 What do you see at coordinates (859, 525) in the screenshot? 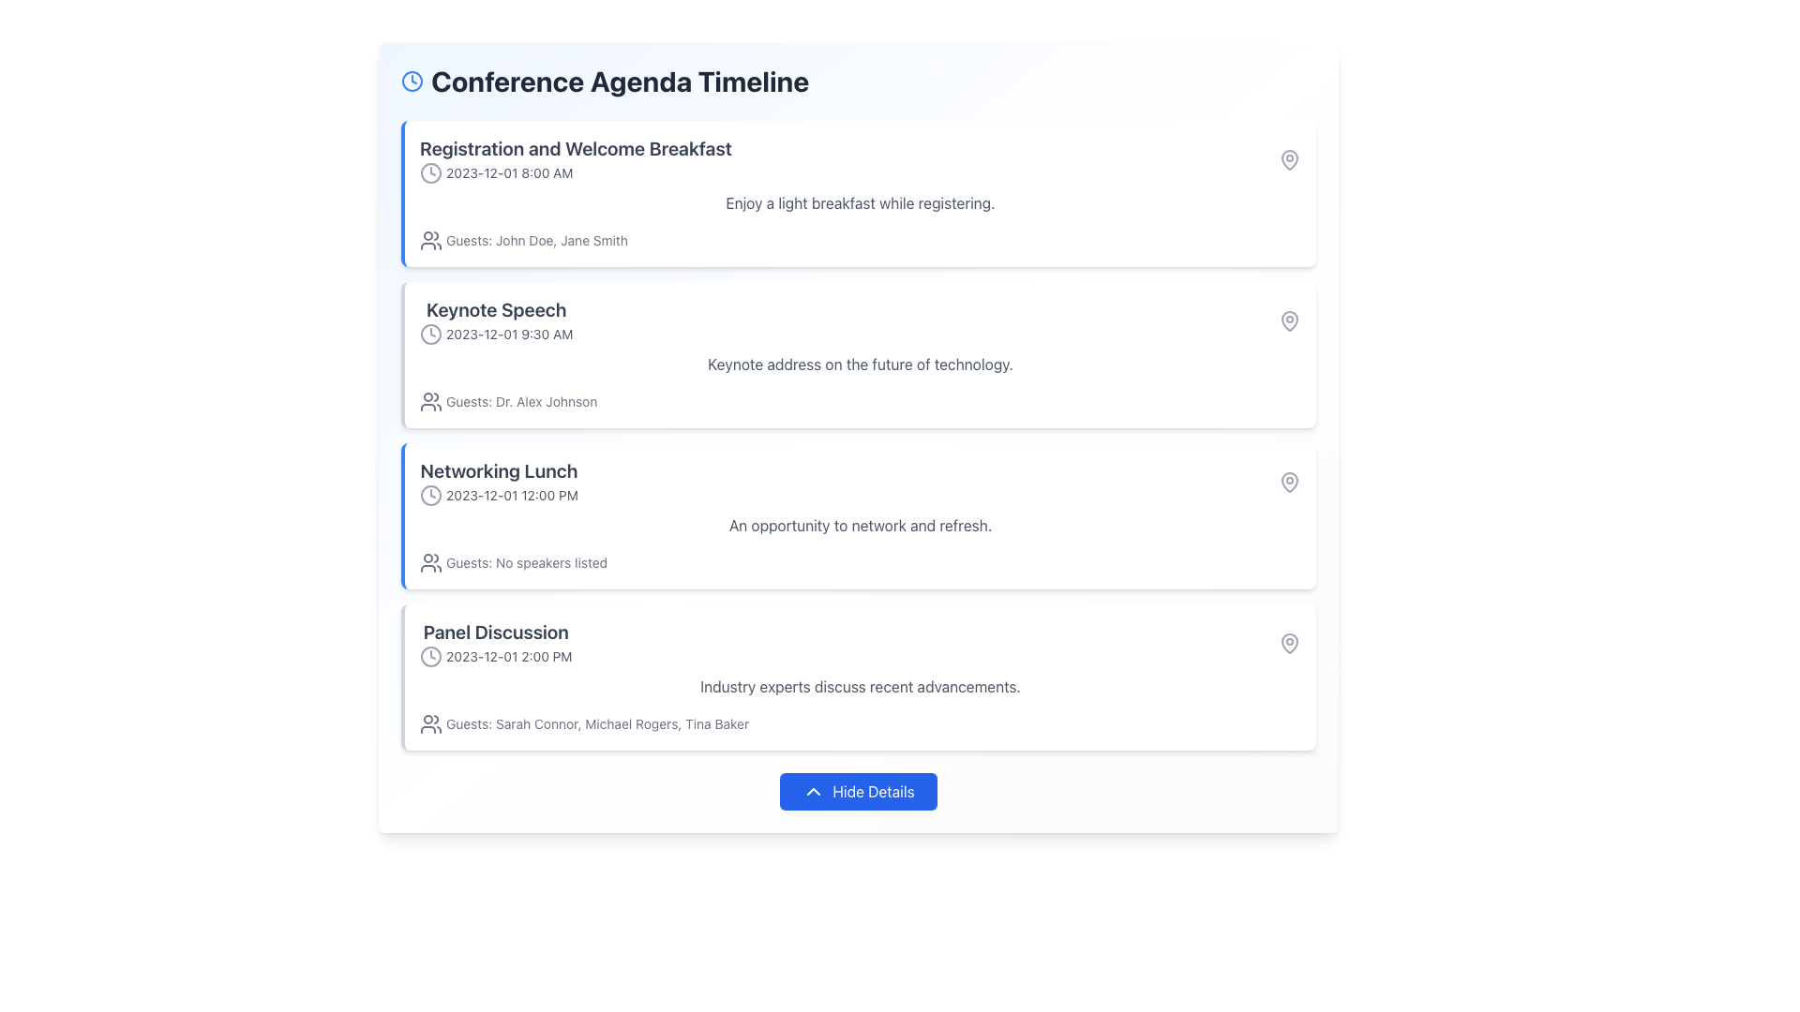
I see `the text label containing the message 'An opportunity to network and refresh.' which is styled with a gray font and located below the event title in the 'Networking Lunch' block` at bounding box center [859, 525].